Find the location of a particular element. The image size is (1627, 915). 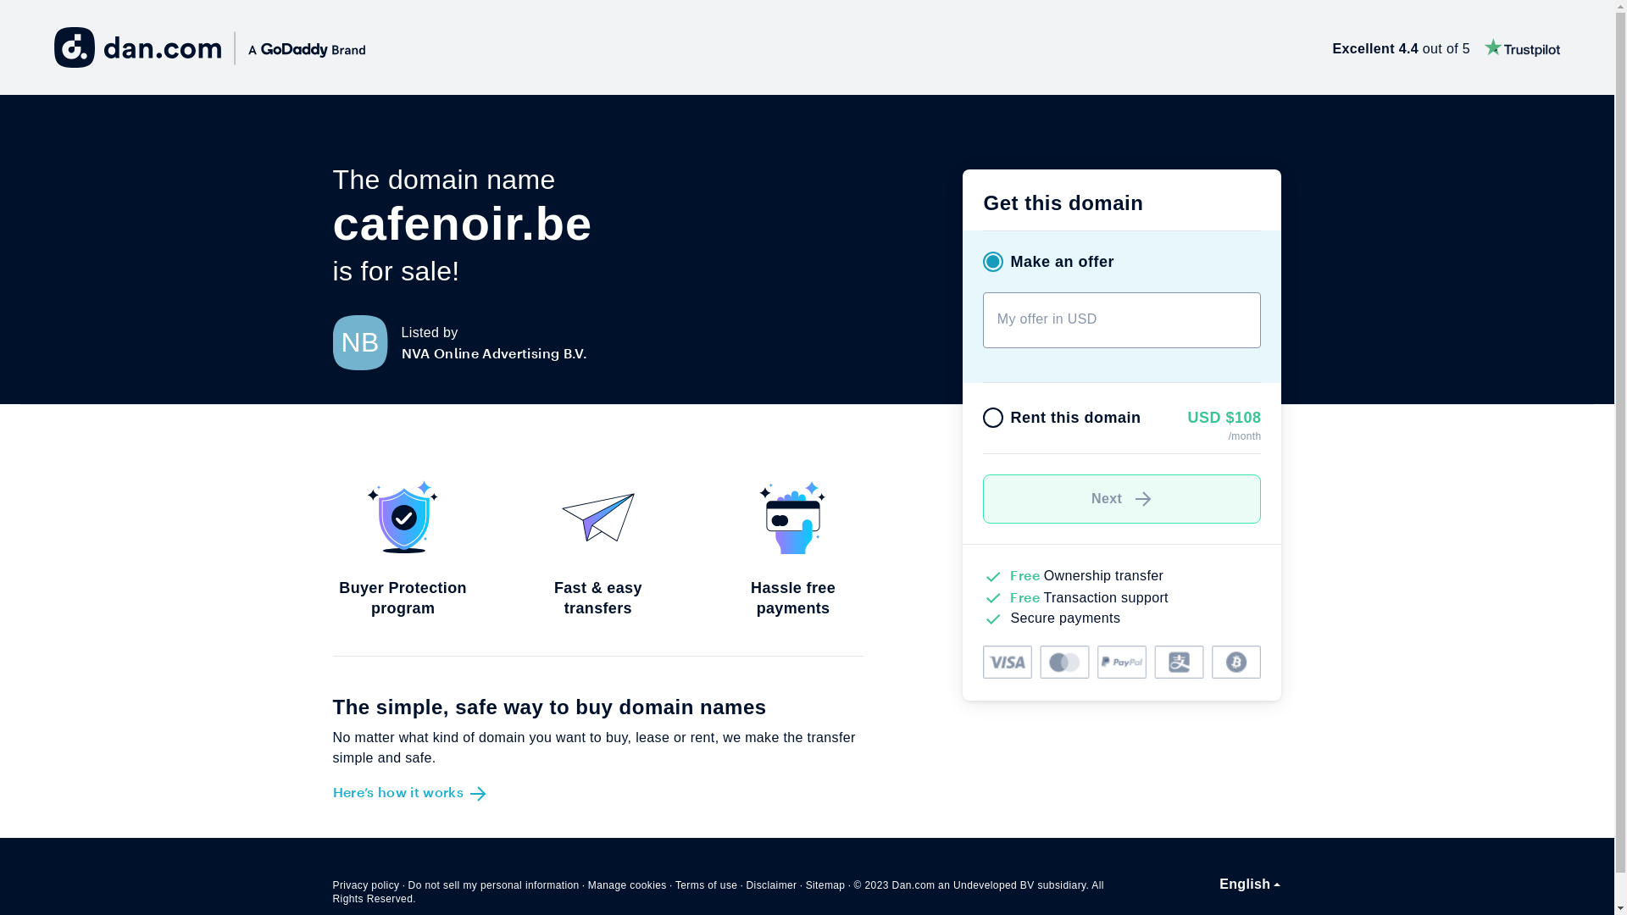

'Privacy policy' is located at coordinates (364, 884).